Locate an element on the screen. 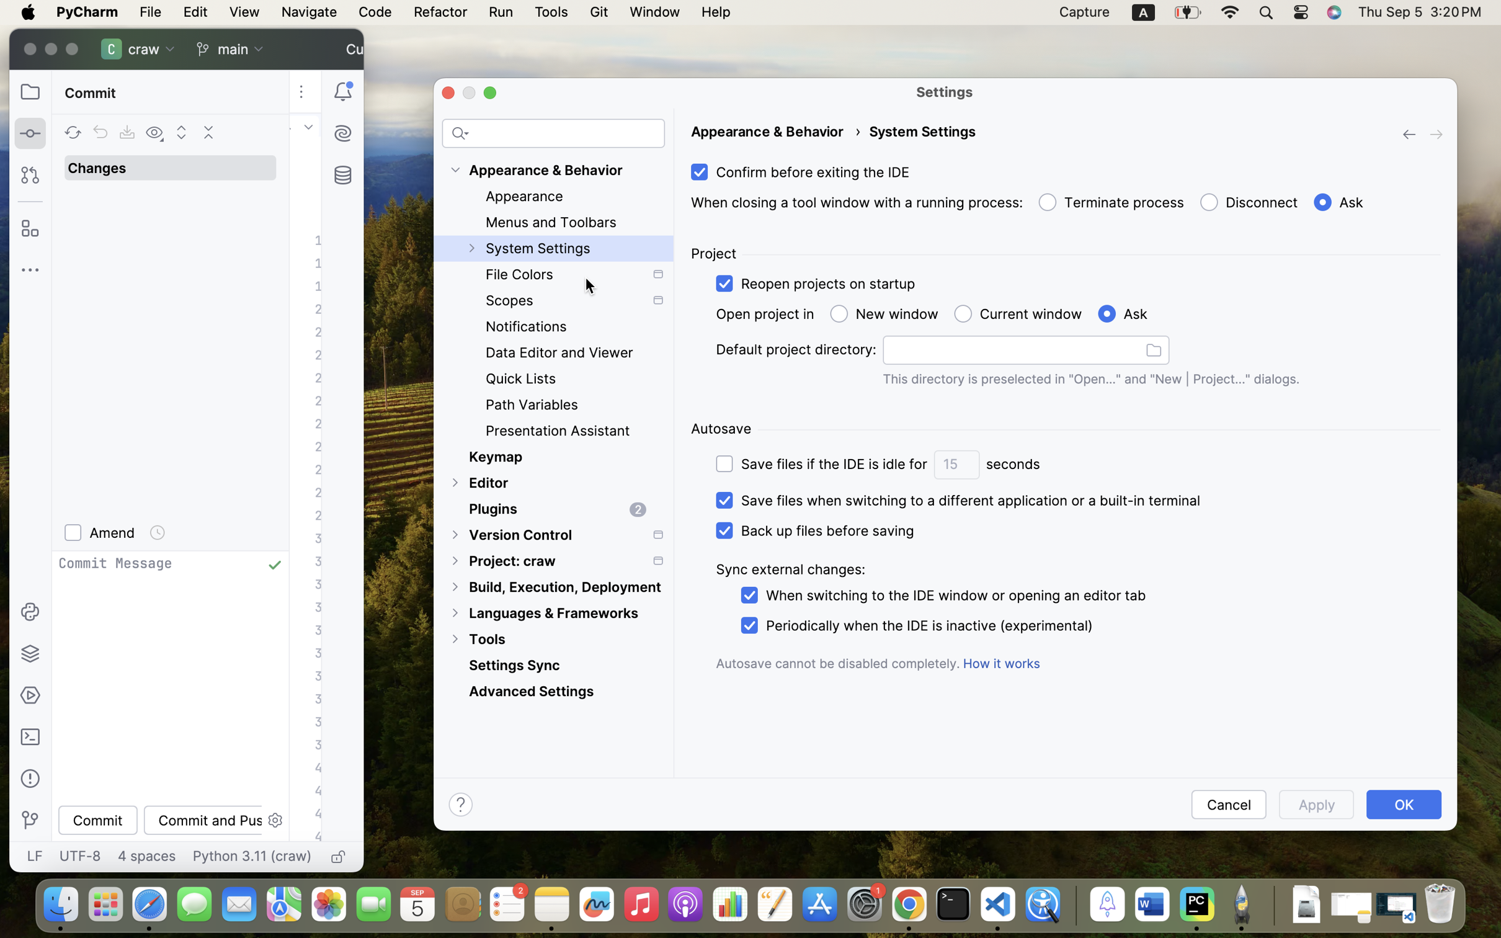 This screenshot has width=1501, height=938. 'Default project directory:' is located at coordinates (796, 349).